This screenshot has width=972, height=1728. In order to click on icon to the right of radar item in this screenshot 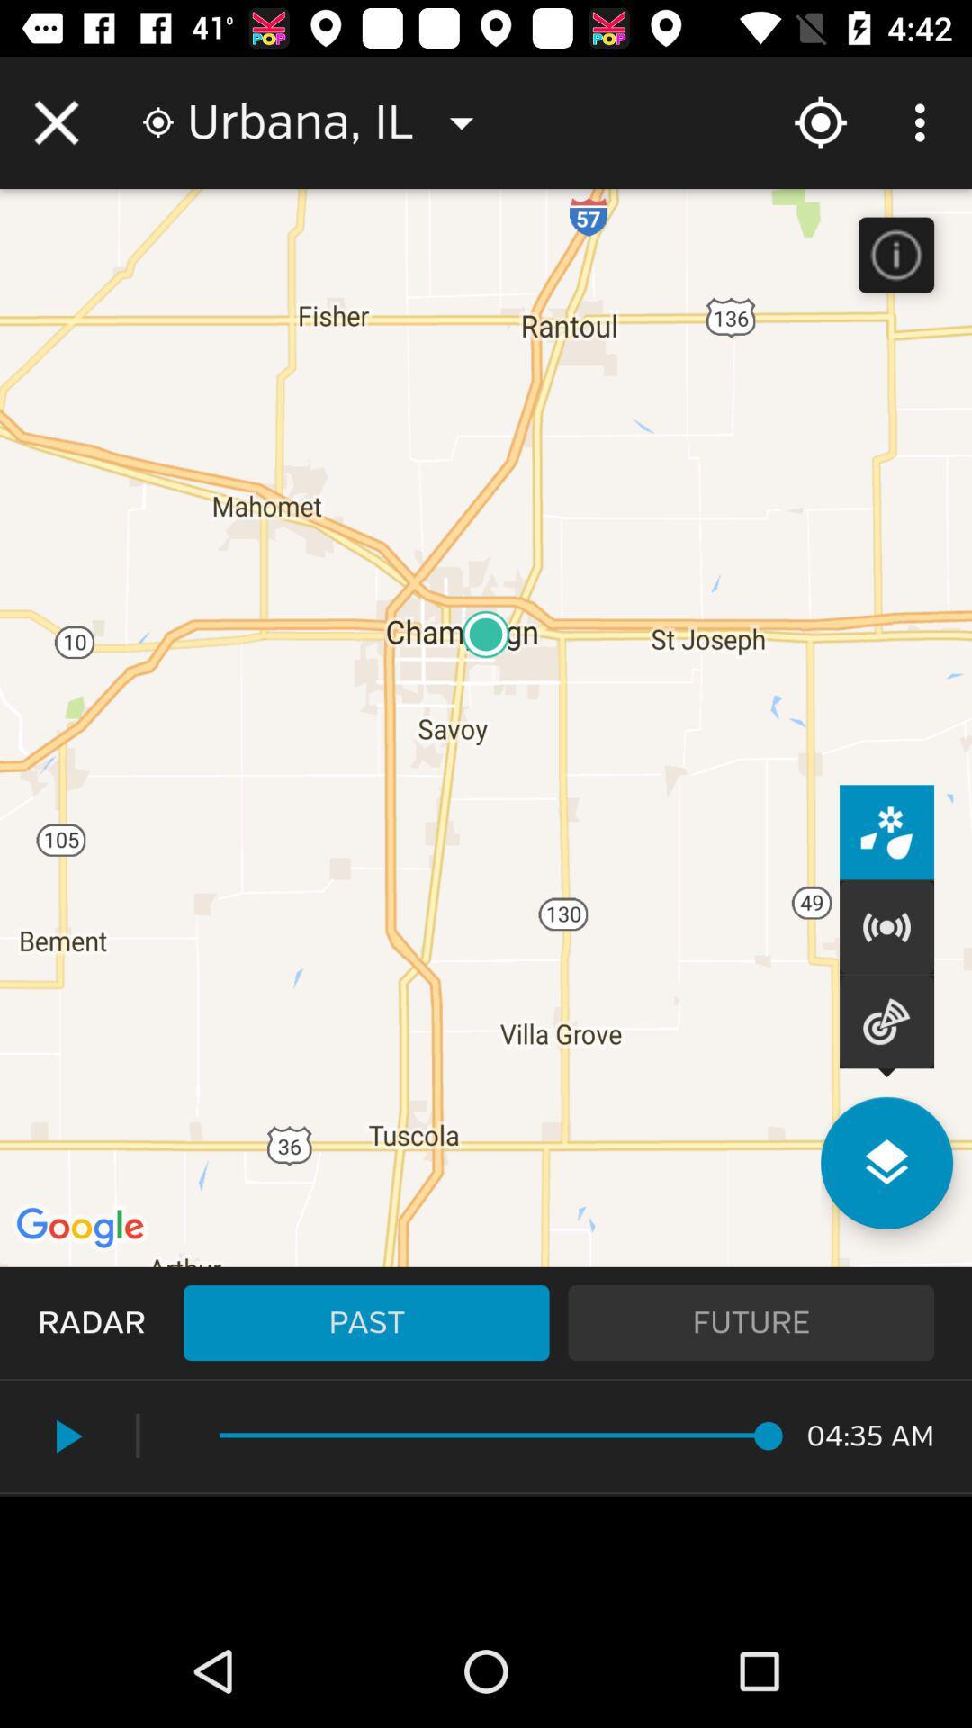, I will do `click(365, 1322)`.